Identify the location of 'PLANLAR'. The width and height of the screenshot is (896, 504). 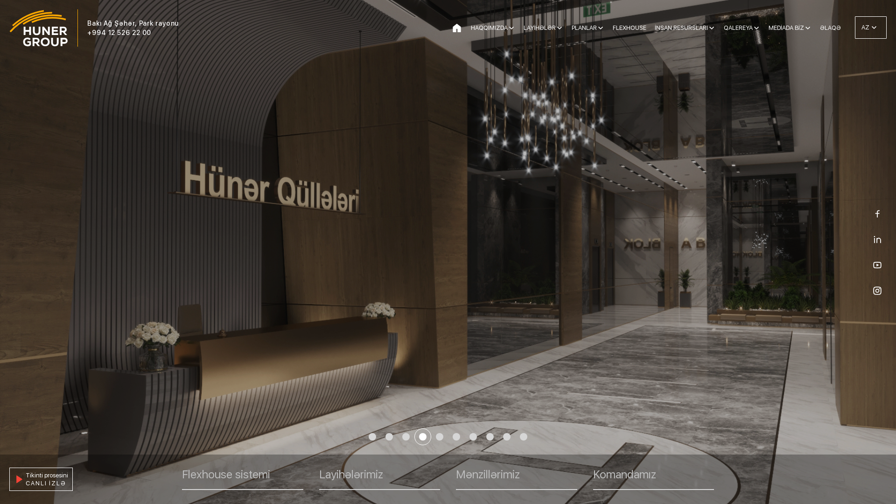
(587, 28).